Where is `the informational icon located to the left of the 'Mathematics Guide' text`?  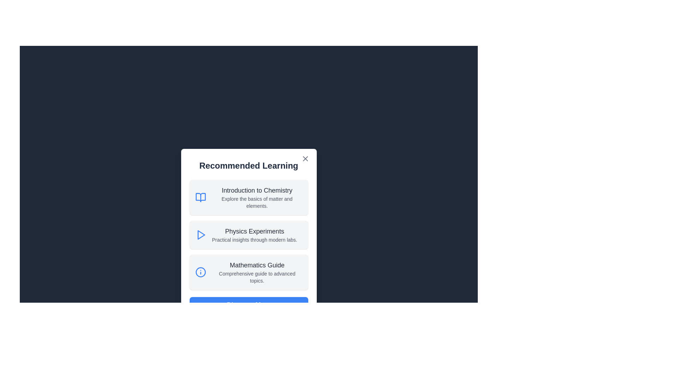
the informational icon located to the left of the 'Mathematics Guide' text is located at coordinates (200, 272).